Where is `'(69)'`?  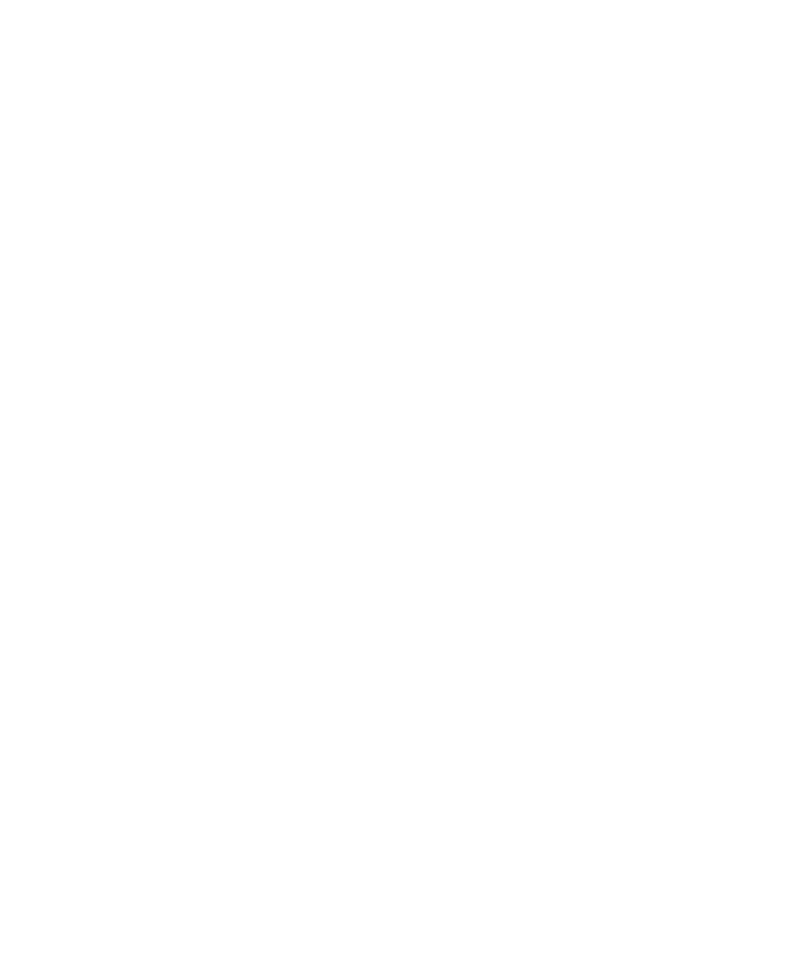
'(69)' is located at coordinates (167, 716).